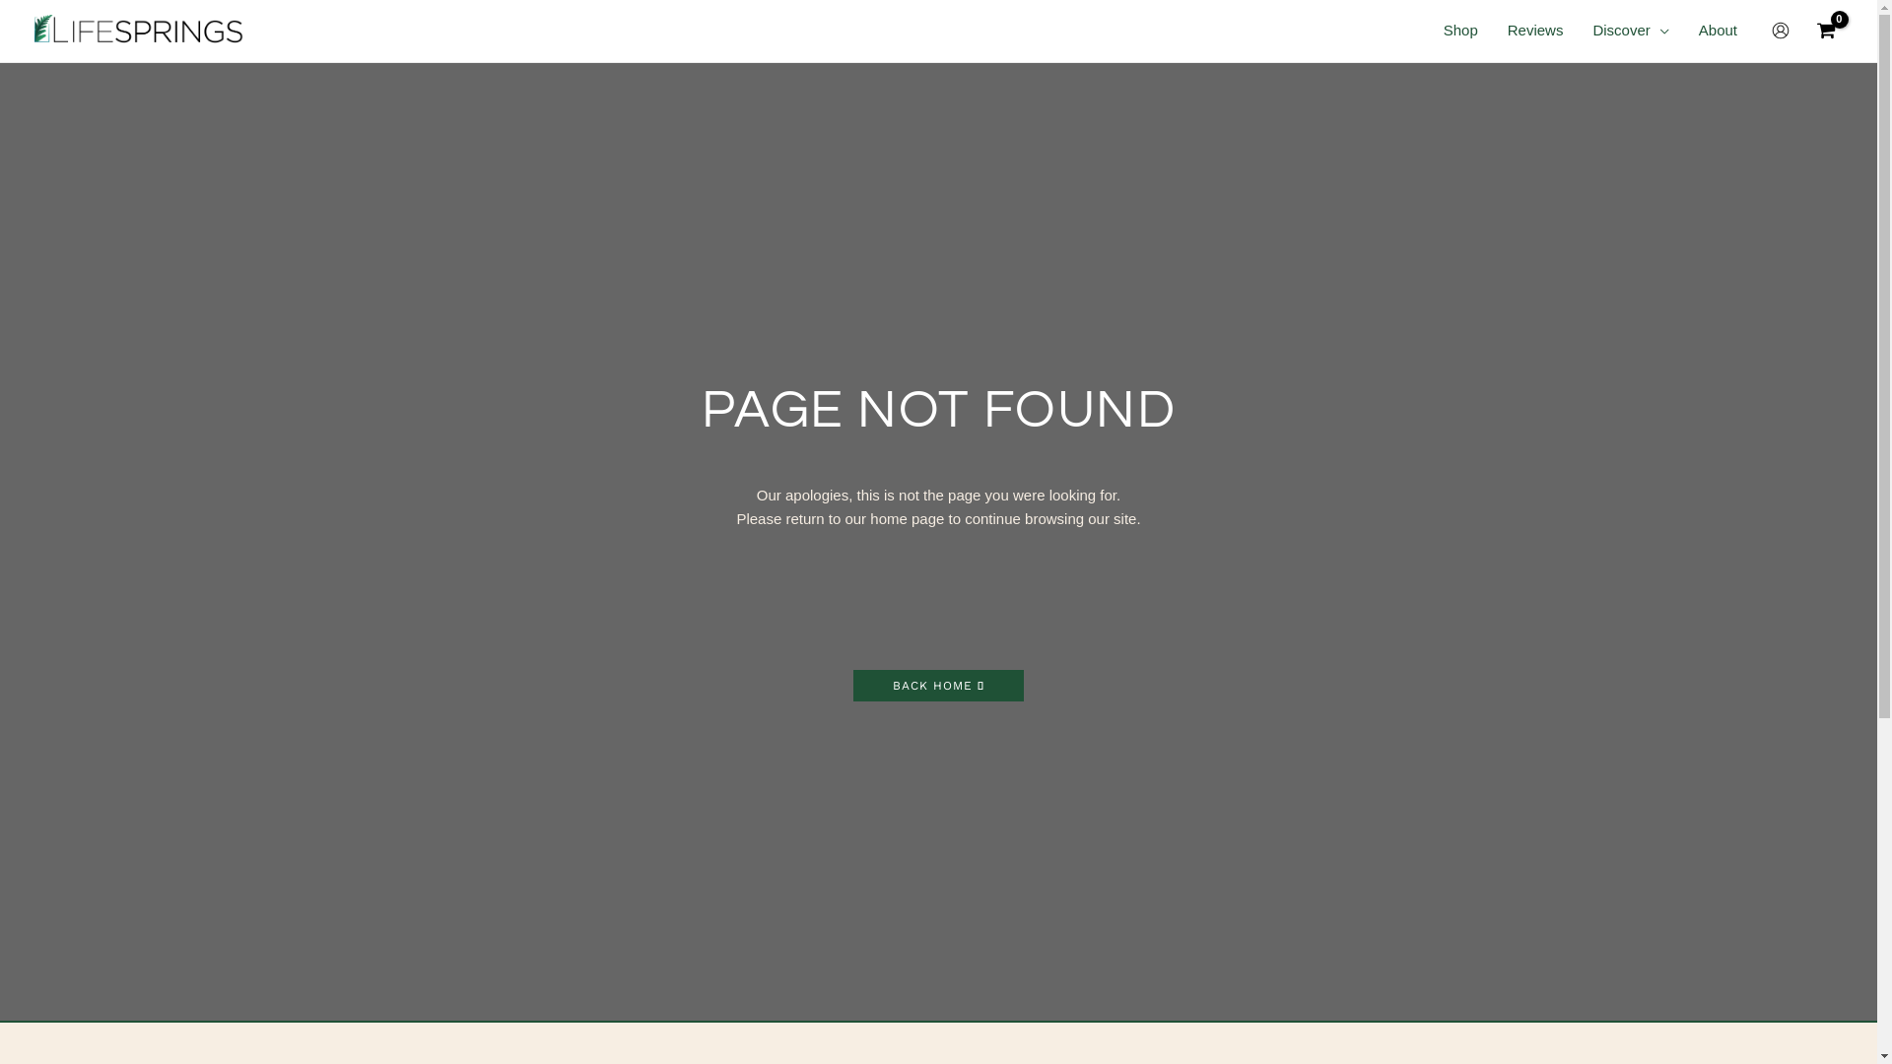  I want to click on 'Discover', so click(1630, 30).